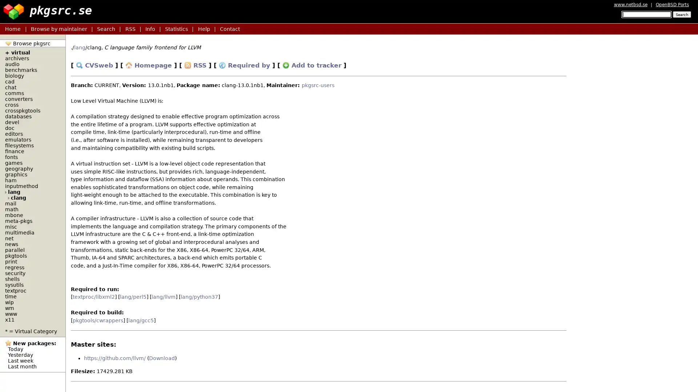 This screenshot has width=698, height=392. I want to click on Search, so click(681, 14).